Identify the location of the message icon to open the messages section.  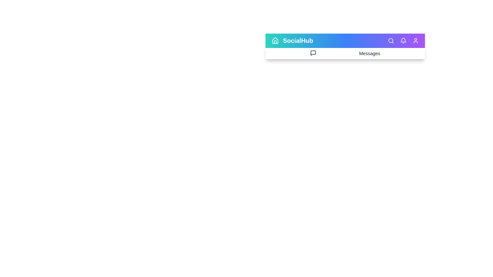
(313, 53).